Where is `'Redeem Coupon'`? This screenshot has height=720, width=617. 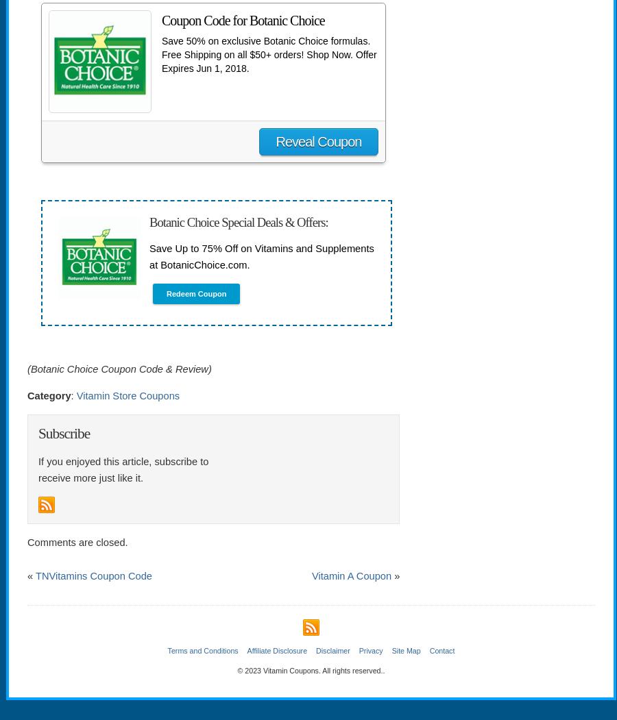
'Redeem Coupon' is located at coordinates (195, 294).